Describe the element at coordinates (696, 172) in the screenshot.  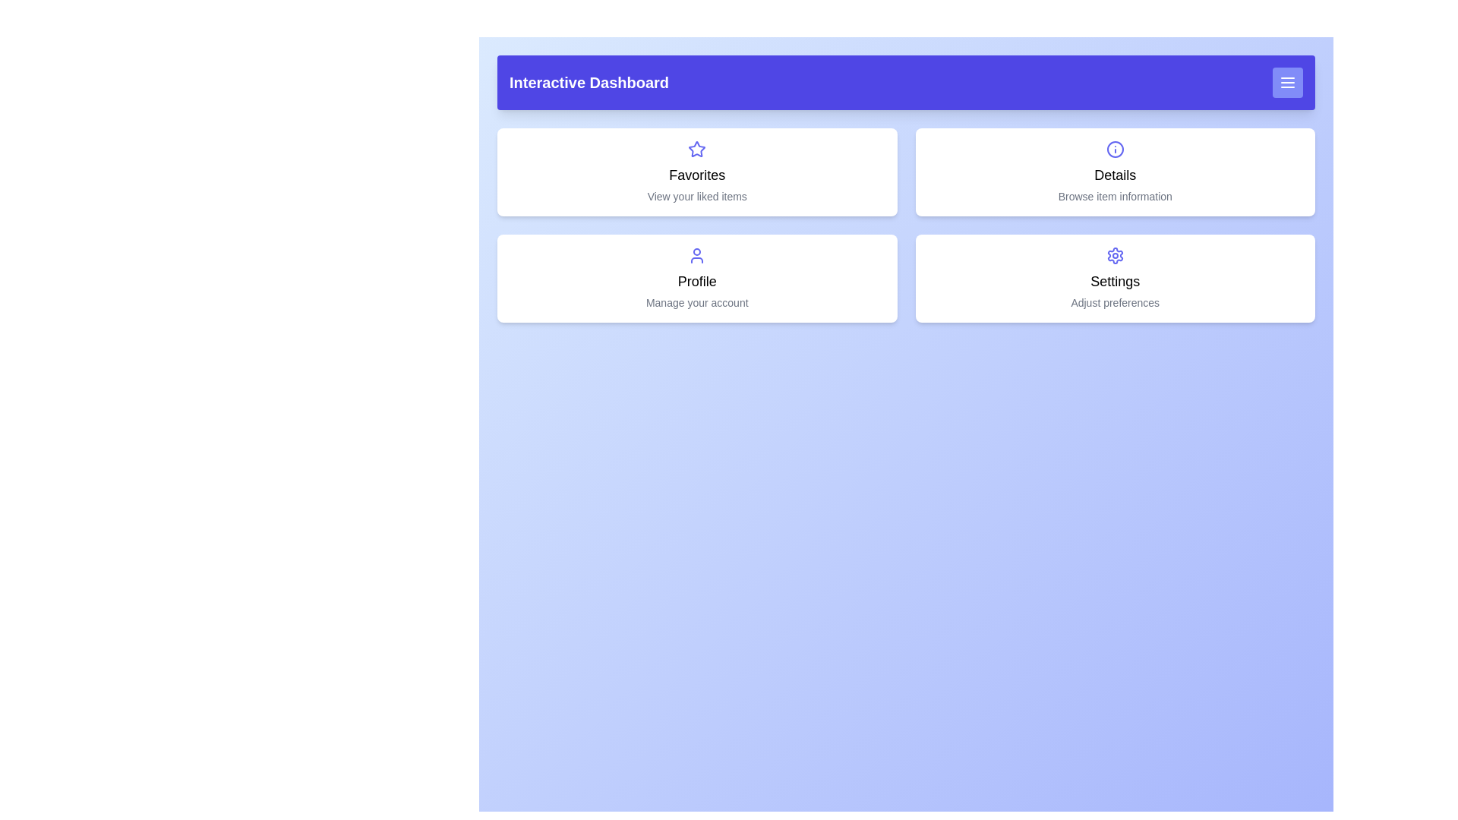
I see `the 'Favorites' card to view liked items` at that location.